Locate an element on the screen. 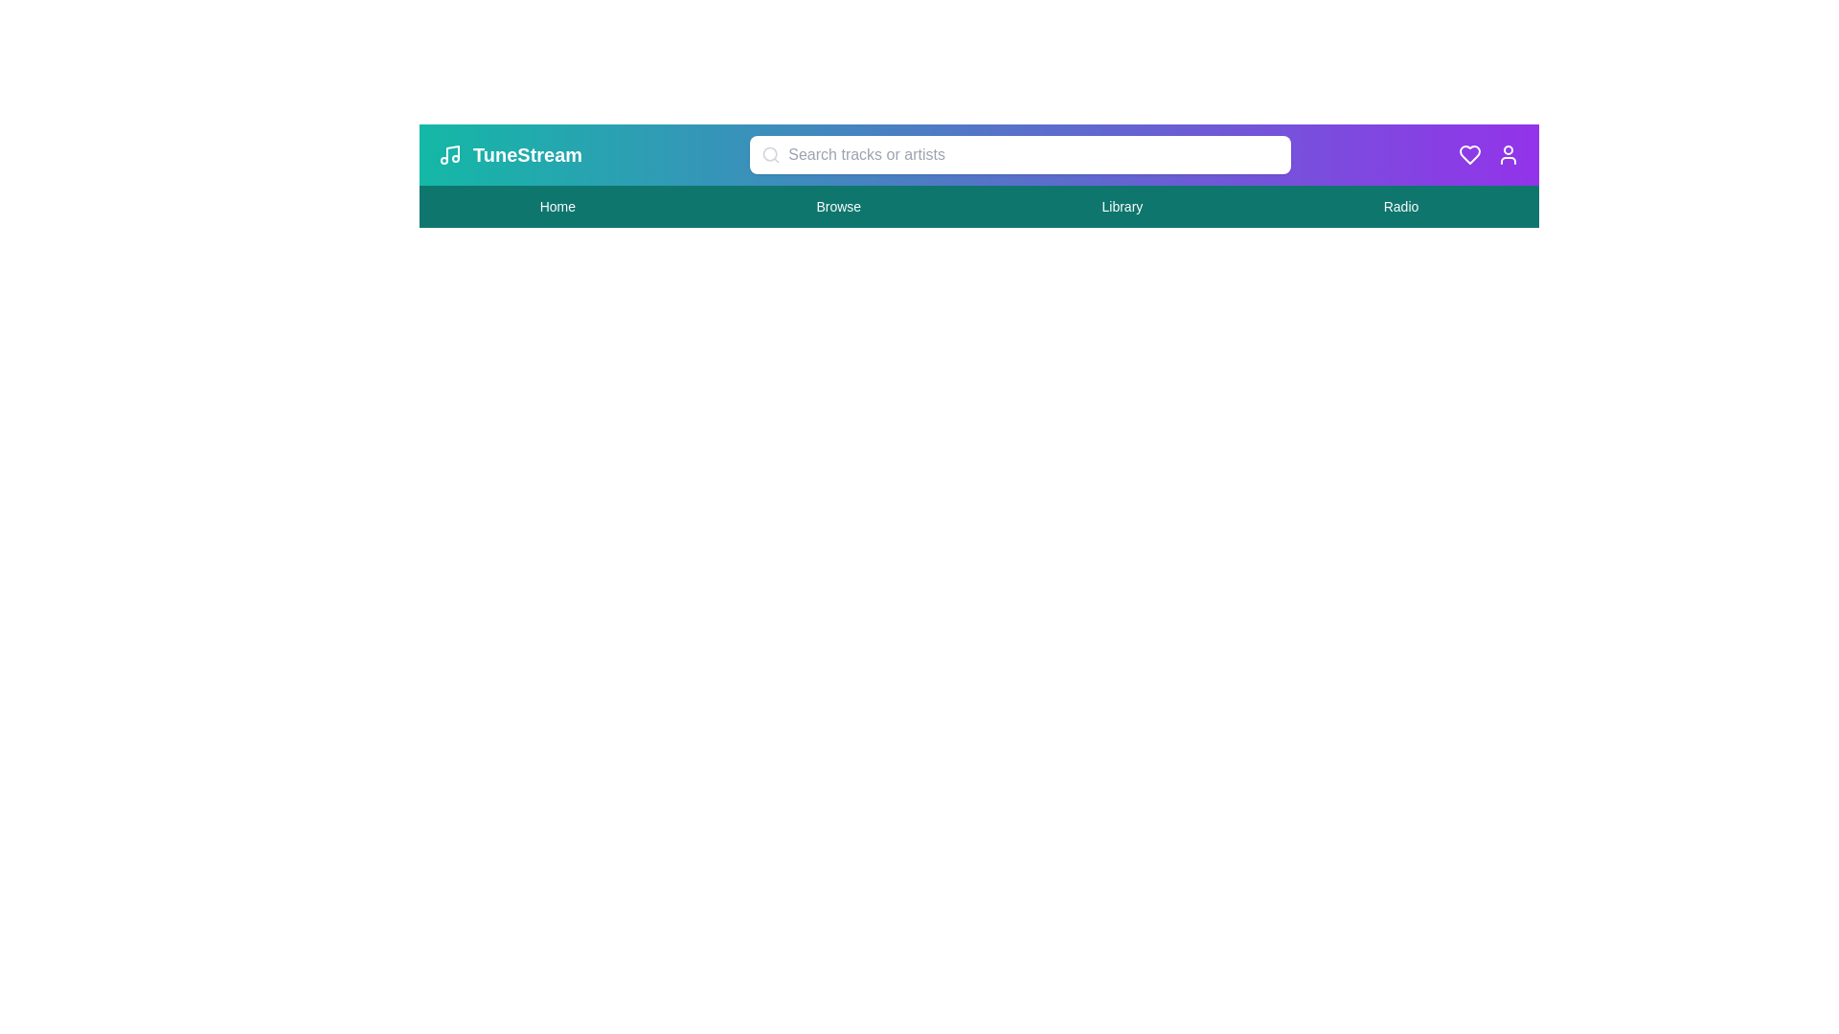 This screenshot has height=1034, width=1839. the 'Browse' navigation link in the navigation bar is located at coordinates (838, 207).